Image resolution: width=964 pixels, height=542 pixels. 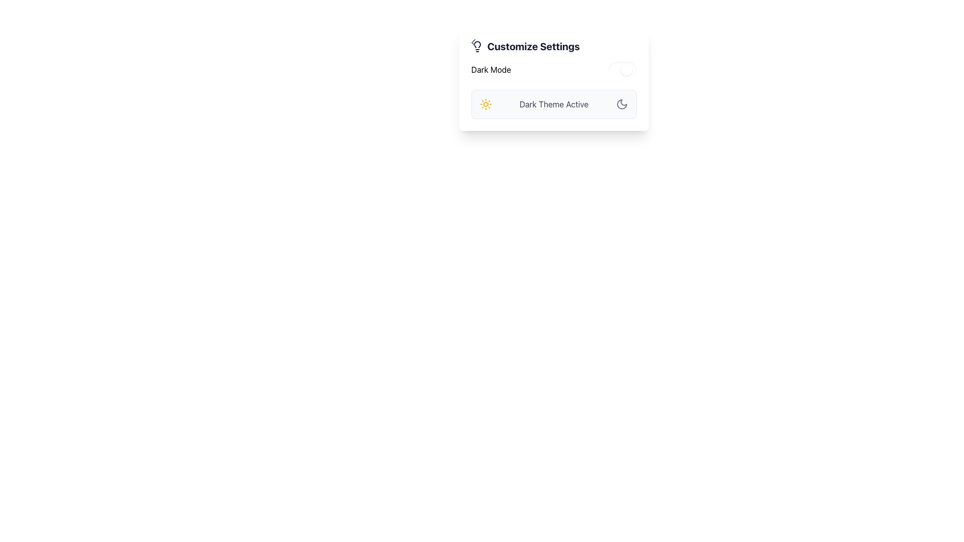 What do you see at coordinates (622, 104) in the screenshot?
I see `the theme choice icon located in the top right corner of the settings card, next to the 'Dark Theme Active' text` at bounding box center [622, 104].